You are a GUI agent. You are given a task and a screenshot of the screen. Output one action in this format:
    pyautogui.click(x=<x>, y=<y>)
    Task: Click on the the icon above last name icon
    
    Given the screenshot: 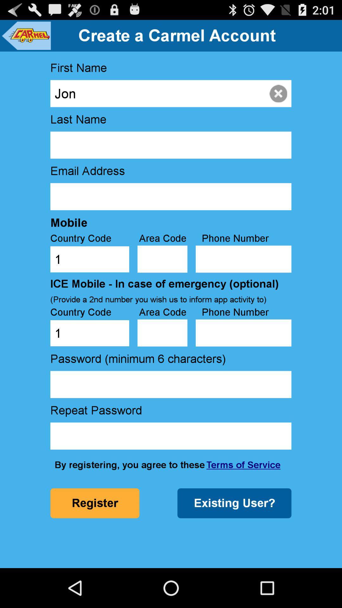 What is the action you would take?
    pyautogui.click(x=170, y=93)
    